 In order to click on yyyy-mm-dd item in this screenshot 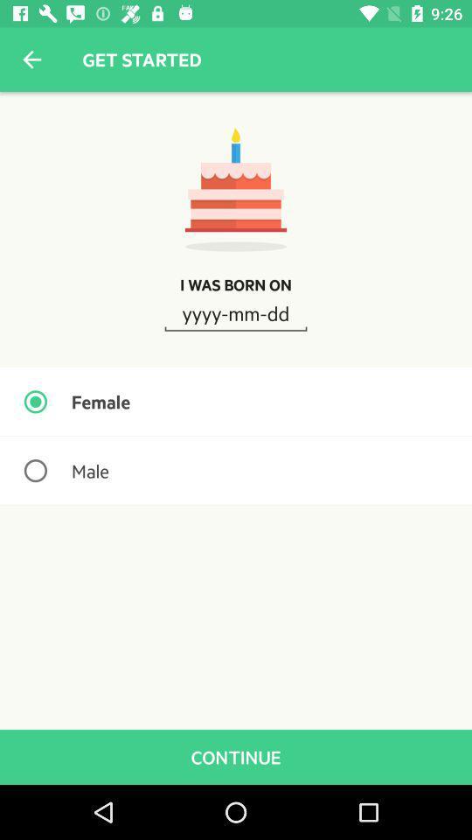, I will do `click(236, 312)`.